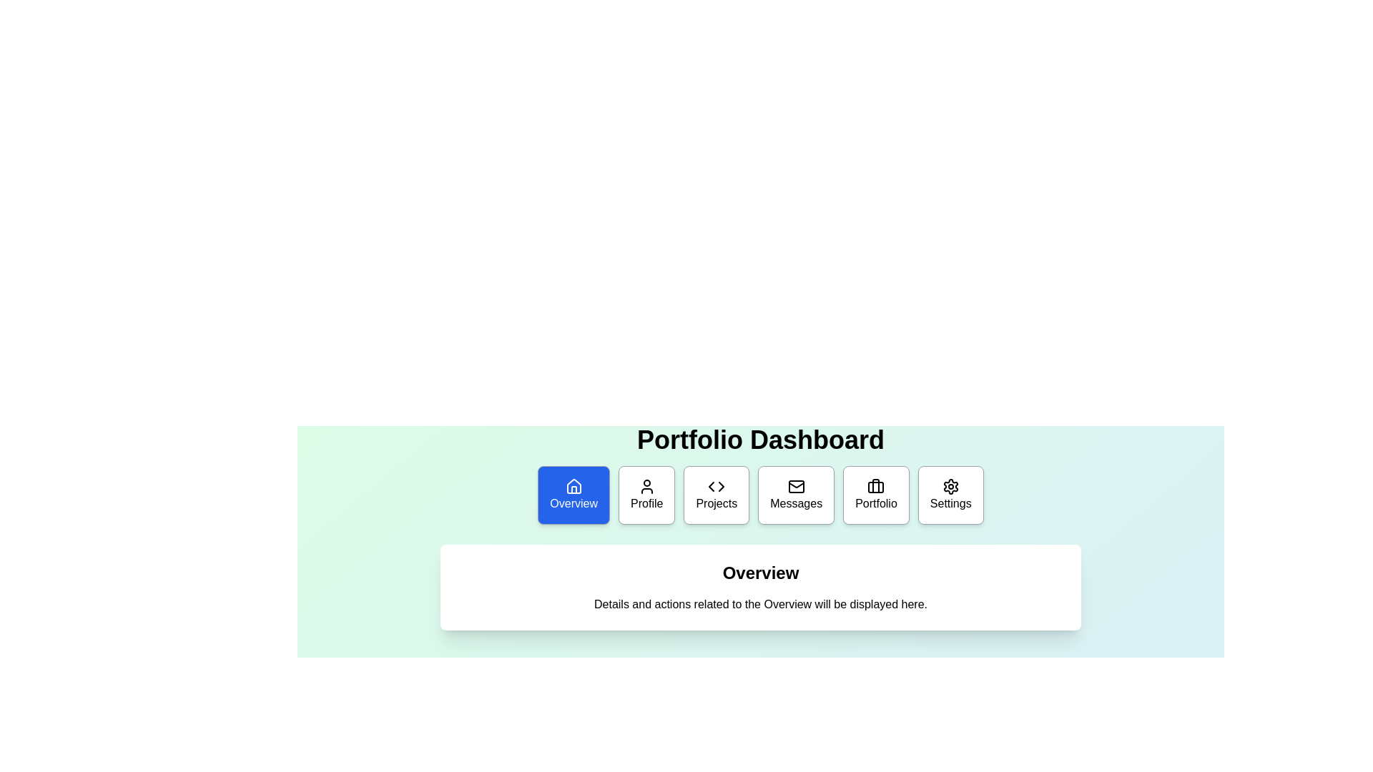 The image size is (1373, 772). Describe the element at coordinates (950, 486) in the screenshot. I see `the settings icon located on the far-right side of the navigation buttons` at that location.